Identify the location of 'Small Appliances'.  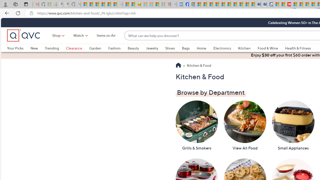
(293, 125).